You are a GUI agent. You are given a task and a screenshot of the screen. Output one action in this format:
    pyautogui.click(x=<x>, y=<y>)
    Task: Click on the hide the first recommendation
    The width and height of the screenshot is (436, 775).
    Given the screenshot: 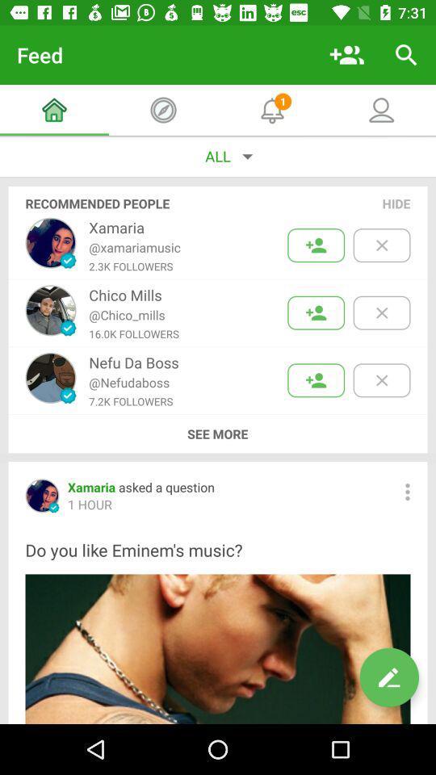 What is the action you would take?
    pyautogui.click(x=381, y=245)
    